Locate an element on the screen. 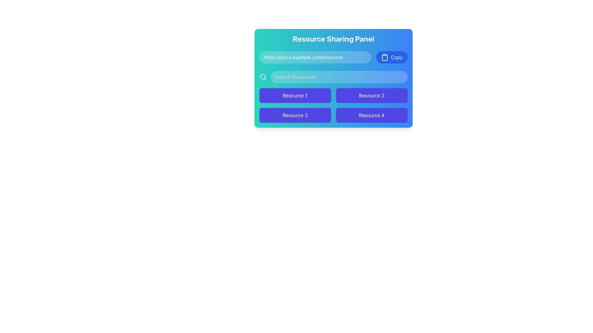 This screenshot has height=333, width=593. the top-left button in the grid layout is located at coordinates (295, 95).